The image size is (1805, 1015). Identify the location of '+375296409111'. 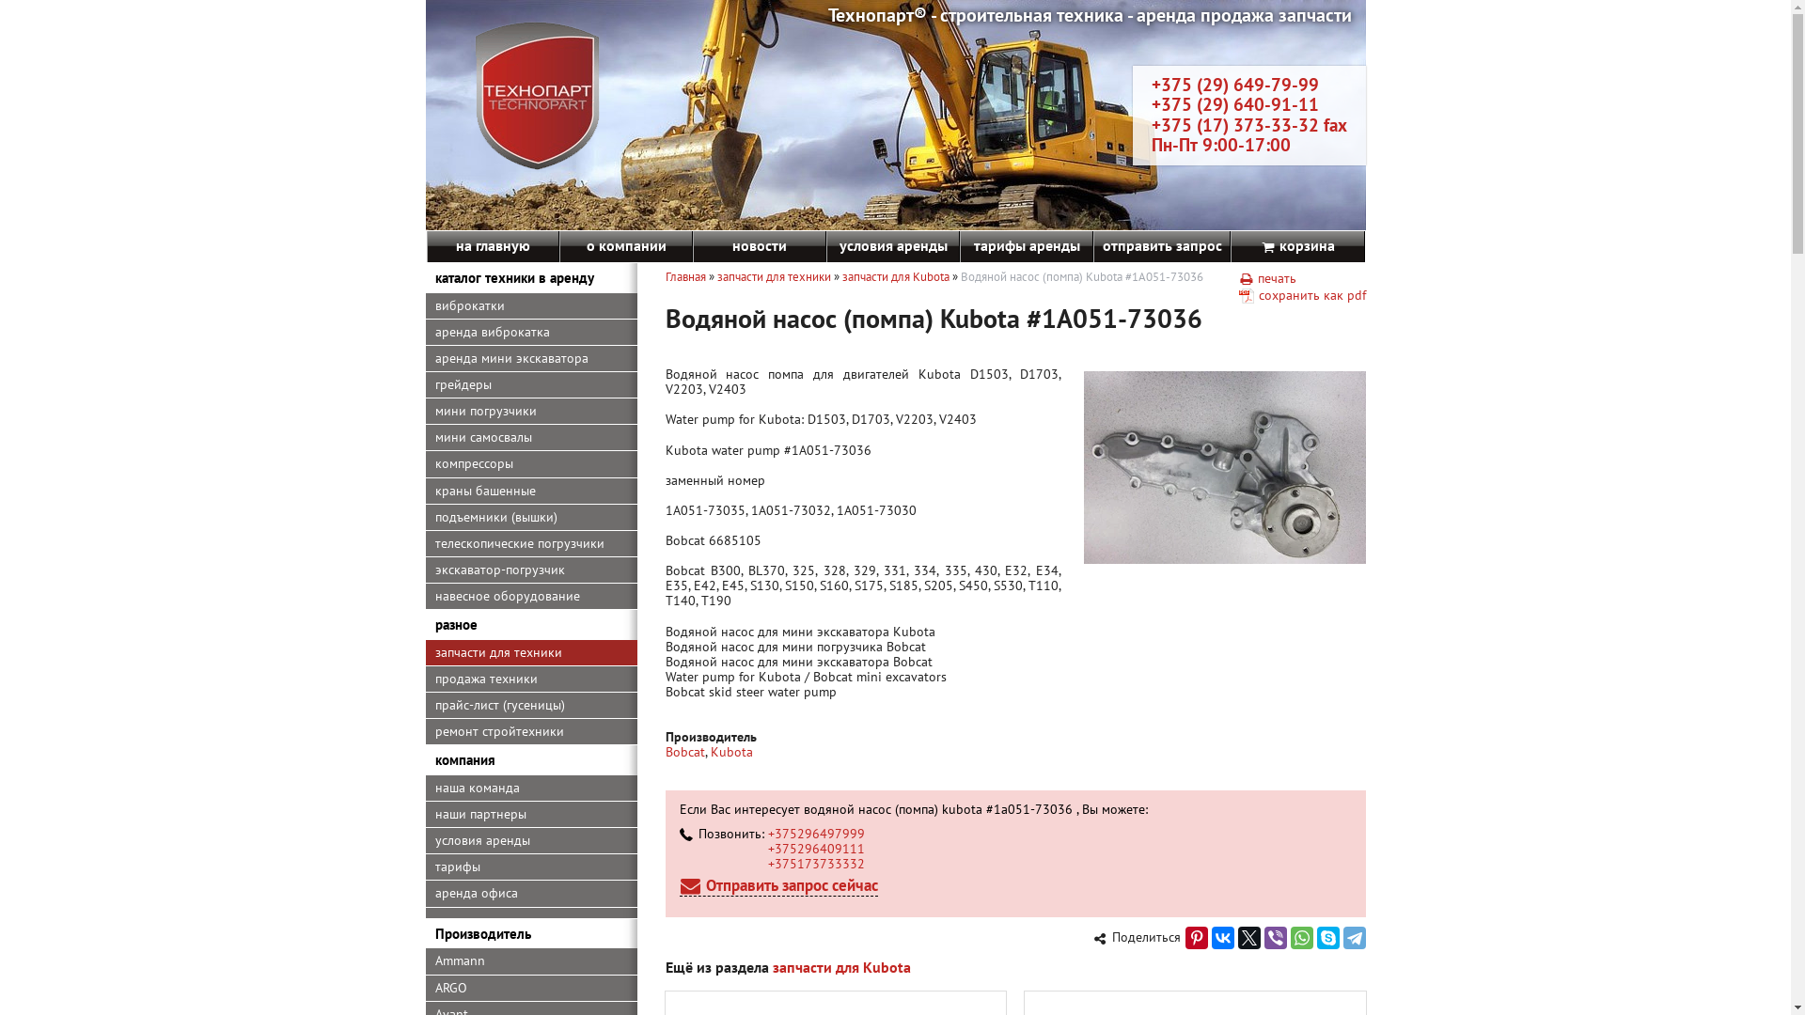
(815, 848).